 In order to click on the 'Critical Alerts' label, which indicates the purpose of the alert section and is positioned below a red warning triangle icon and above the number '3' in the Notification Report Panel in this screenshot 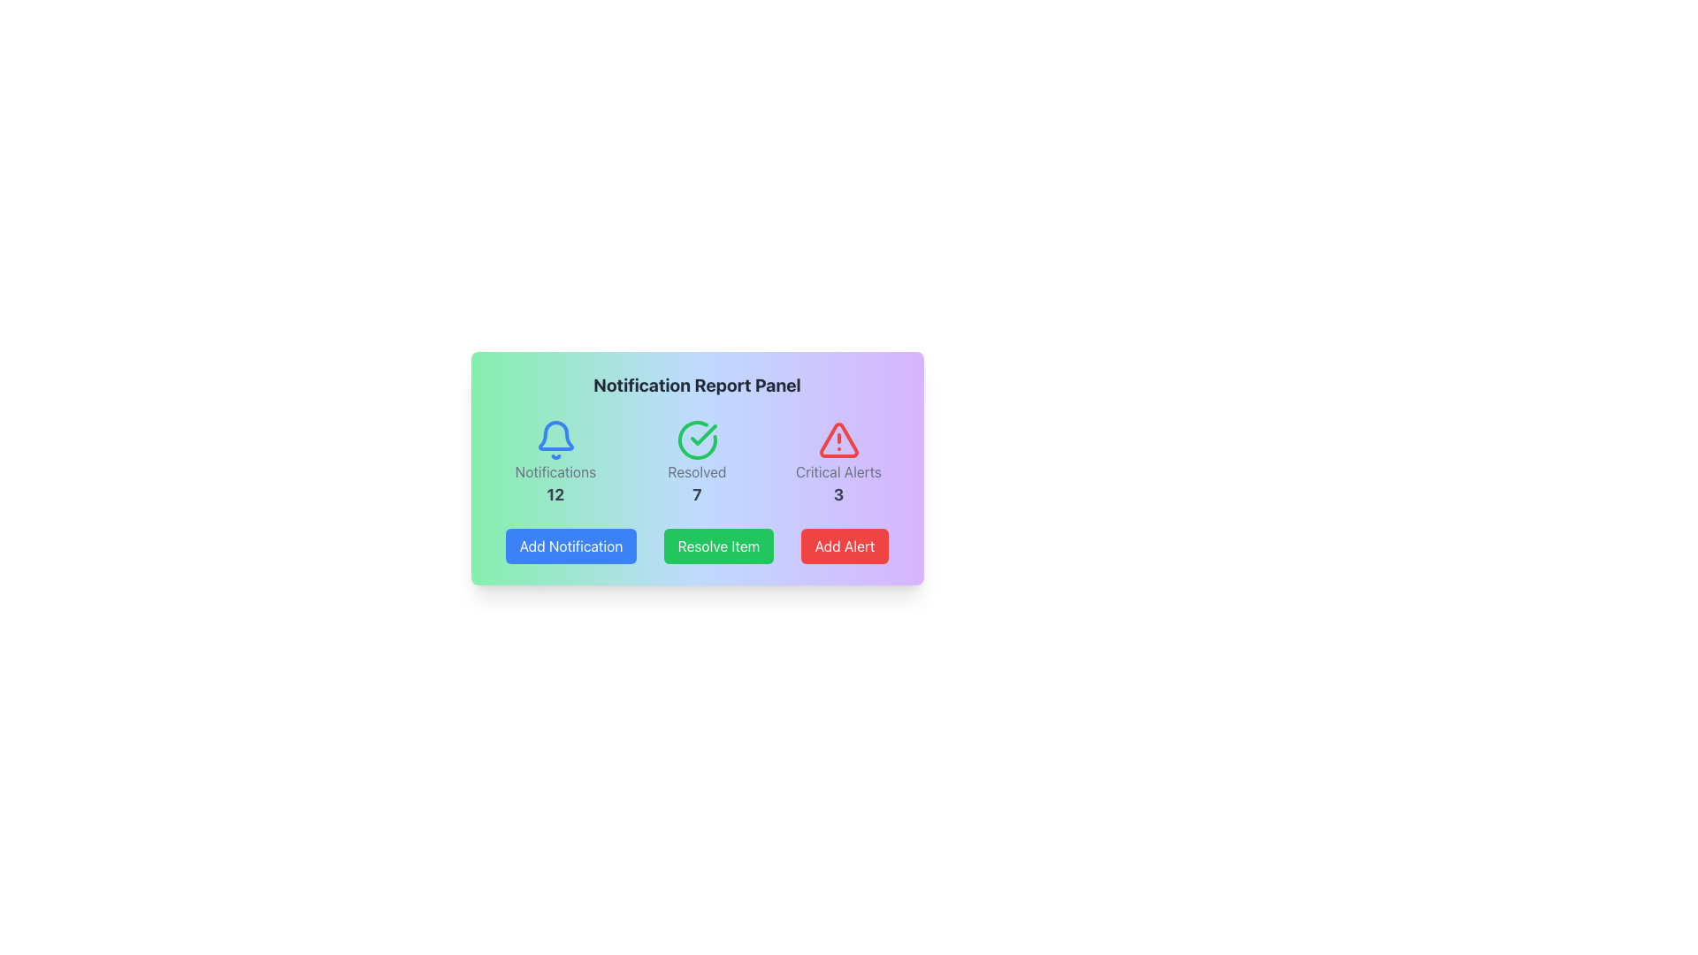, I will do `click(838, 470)`.